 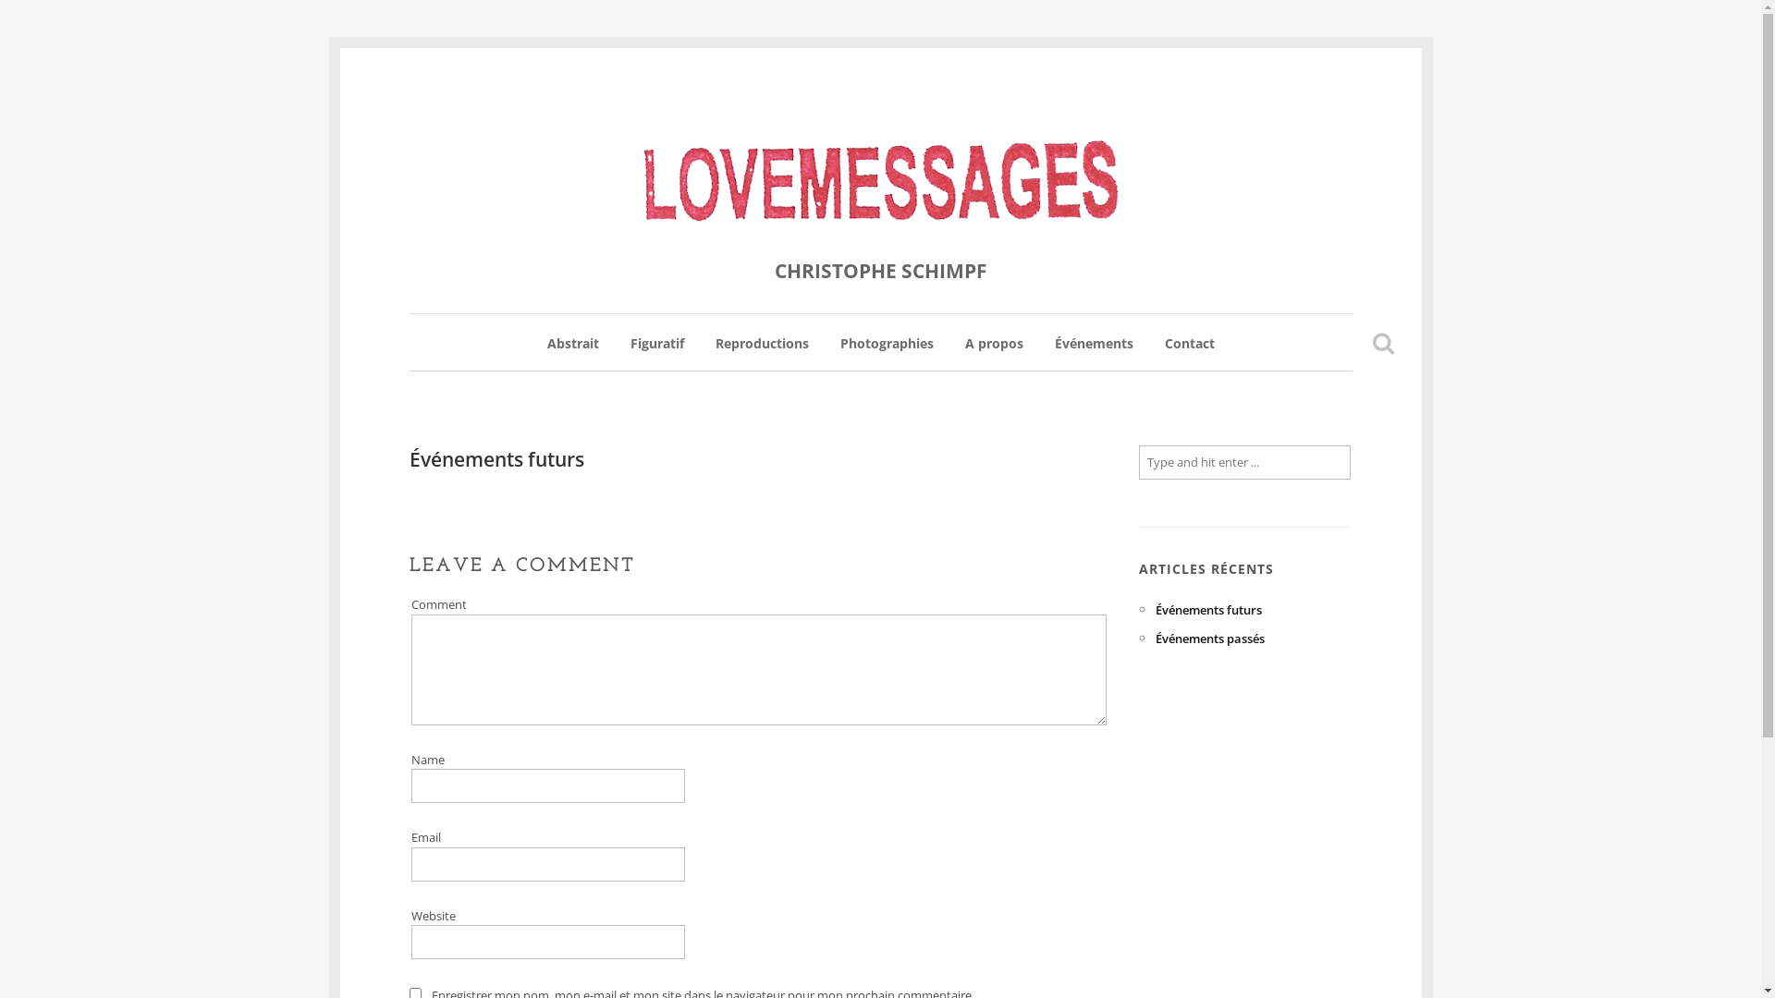 I want to click on 'Abstrait', so click(x=545, y=352).